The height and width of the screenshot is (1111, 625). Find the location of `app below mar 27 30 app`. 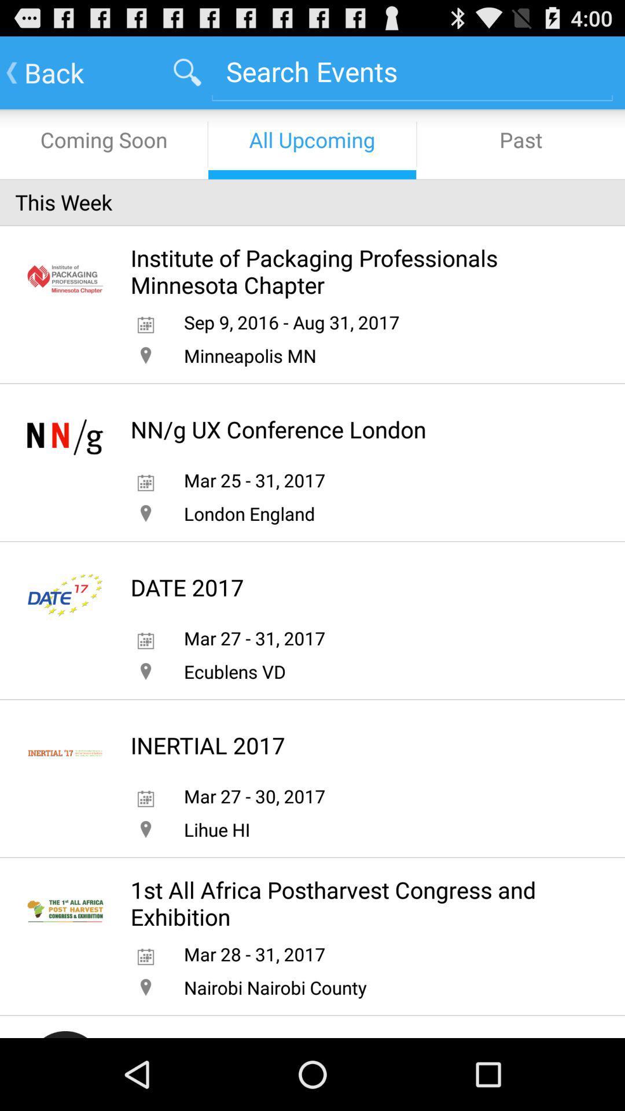

app below mar 27 30 app is located at coordinates (216, 829).